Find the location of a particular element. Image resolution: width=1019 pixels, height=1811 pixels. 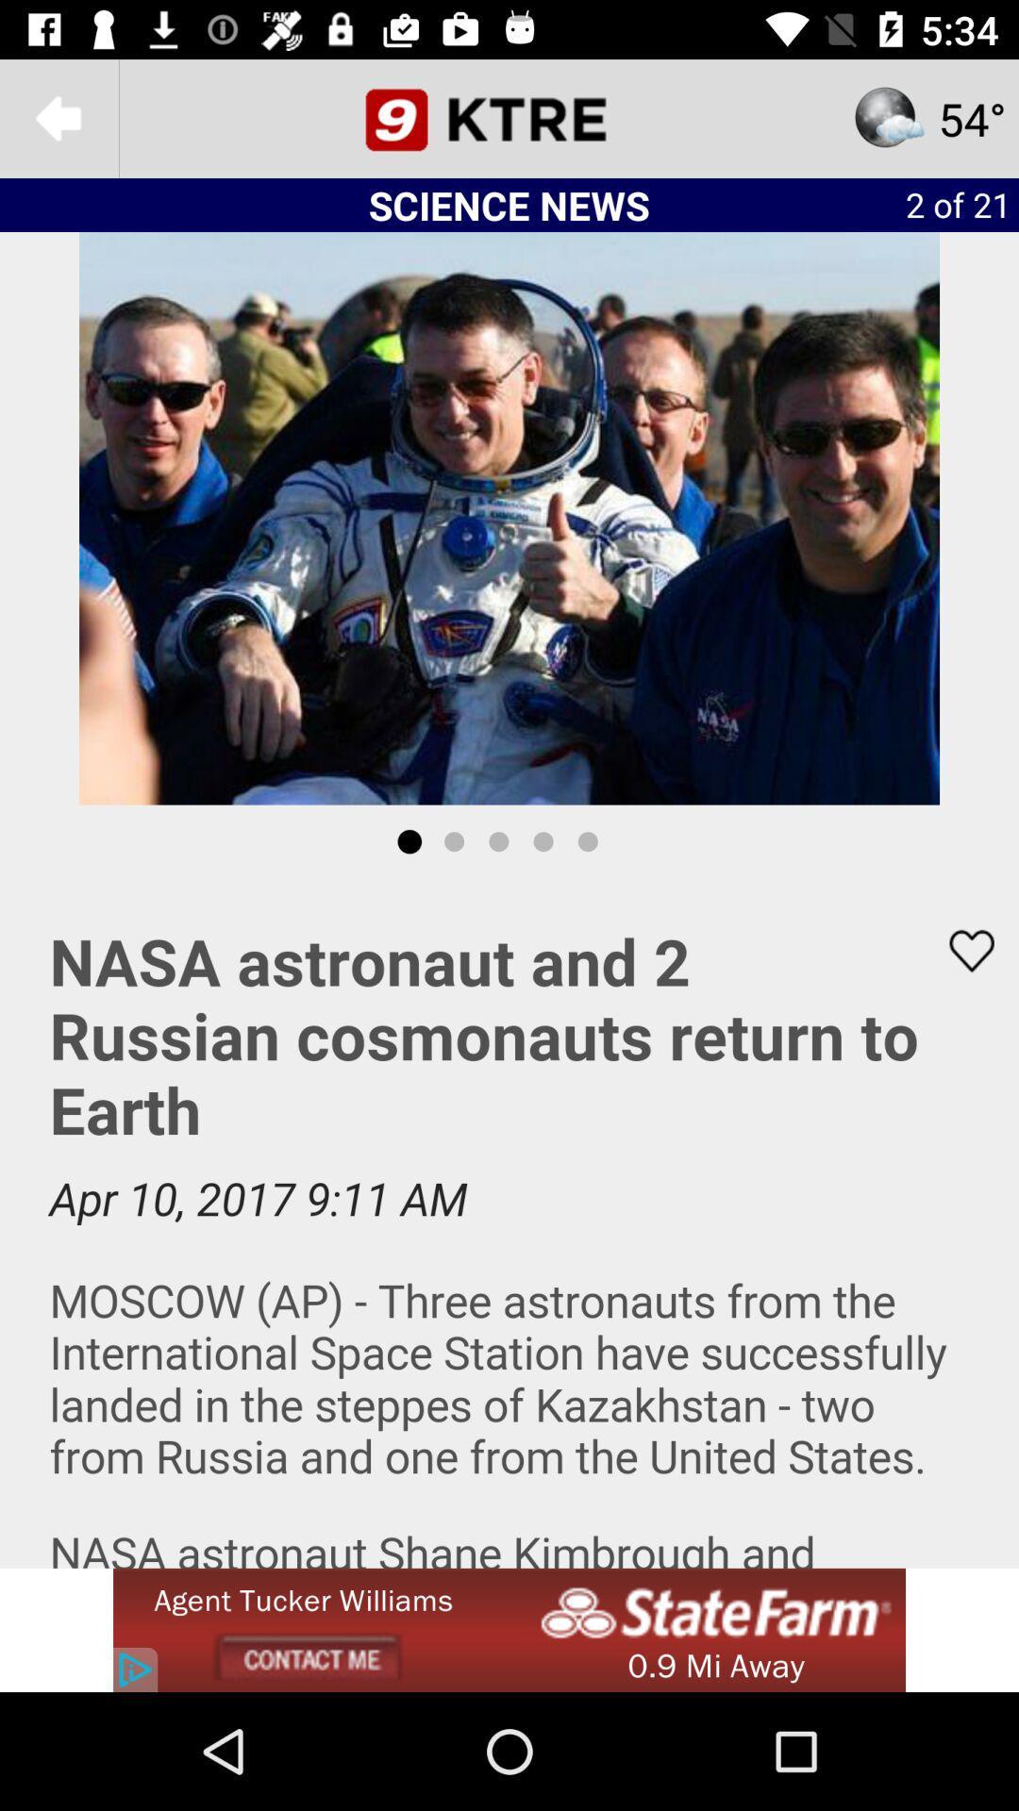

like button is located at coordinates (960, 951).